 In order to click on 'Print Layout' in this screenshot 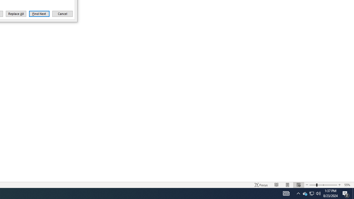, I will do `click(288, 185)`.